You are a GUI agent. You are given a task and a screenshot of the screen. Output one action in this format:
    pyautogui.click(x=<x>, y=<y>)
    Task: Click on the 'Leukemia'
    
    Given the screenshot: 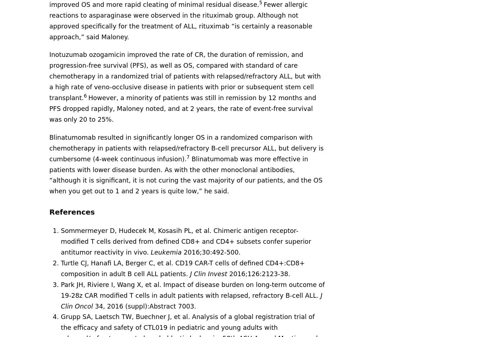 What is the action you would take?
    pyautogui.click(x=167, y=252)
    